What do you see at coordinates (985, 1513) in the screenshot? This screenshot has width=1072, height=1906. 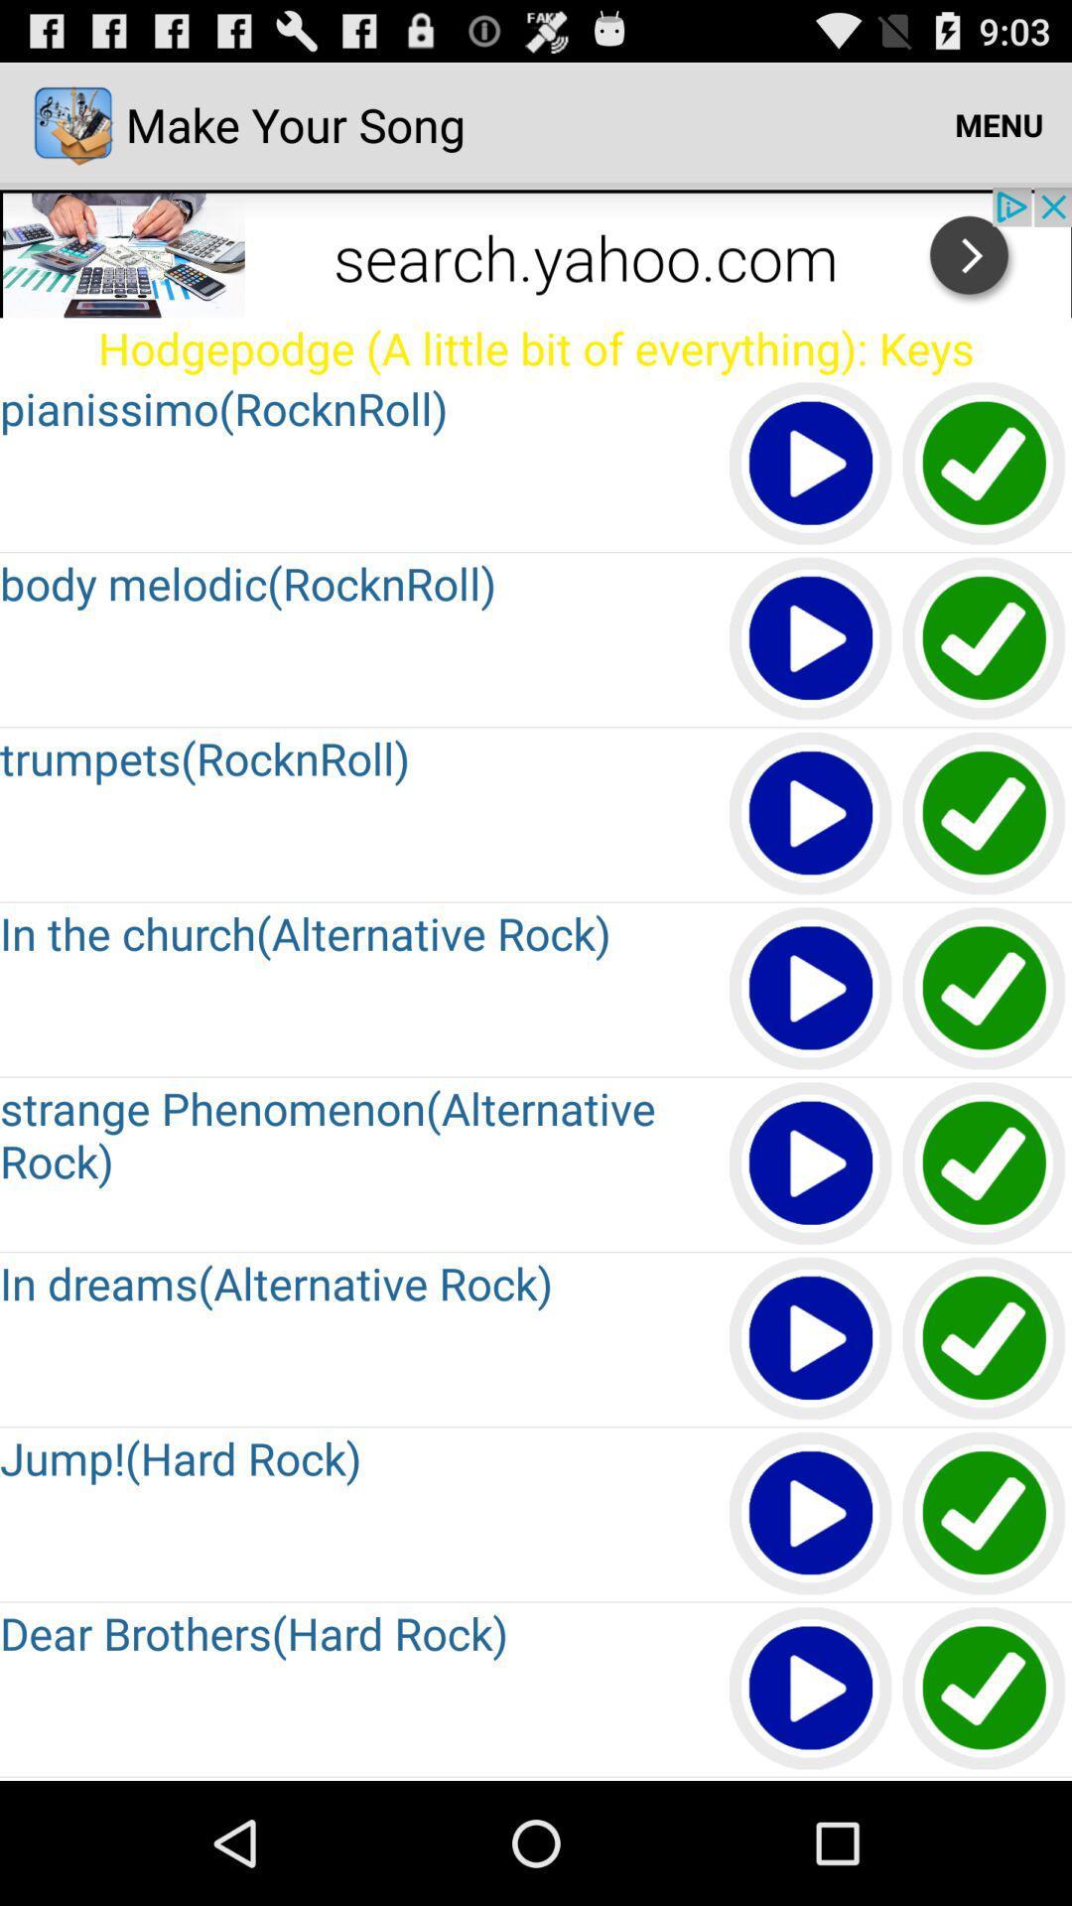 I see `correct` at bounding box center [985, 1513].